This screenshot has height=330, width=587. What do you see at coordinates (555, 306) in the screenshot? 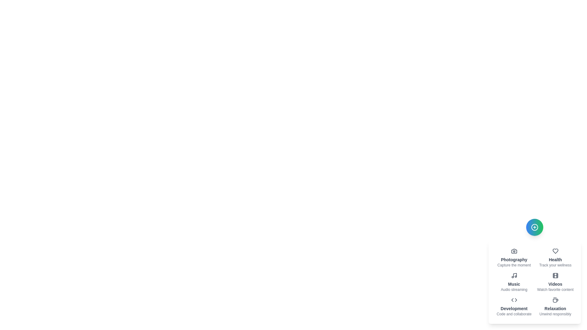
I see `the Relaxation action item to activate its feature` at bounding box center [555, 306].